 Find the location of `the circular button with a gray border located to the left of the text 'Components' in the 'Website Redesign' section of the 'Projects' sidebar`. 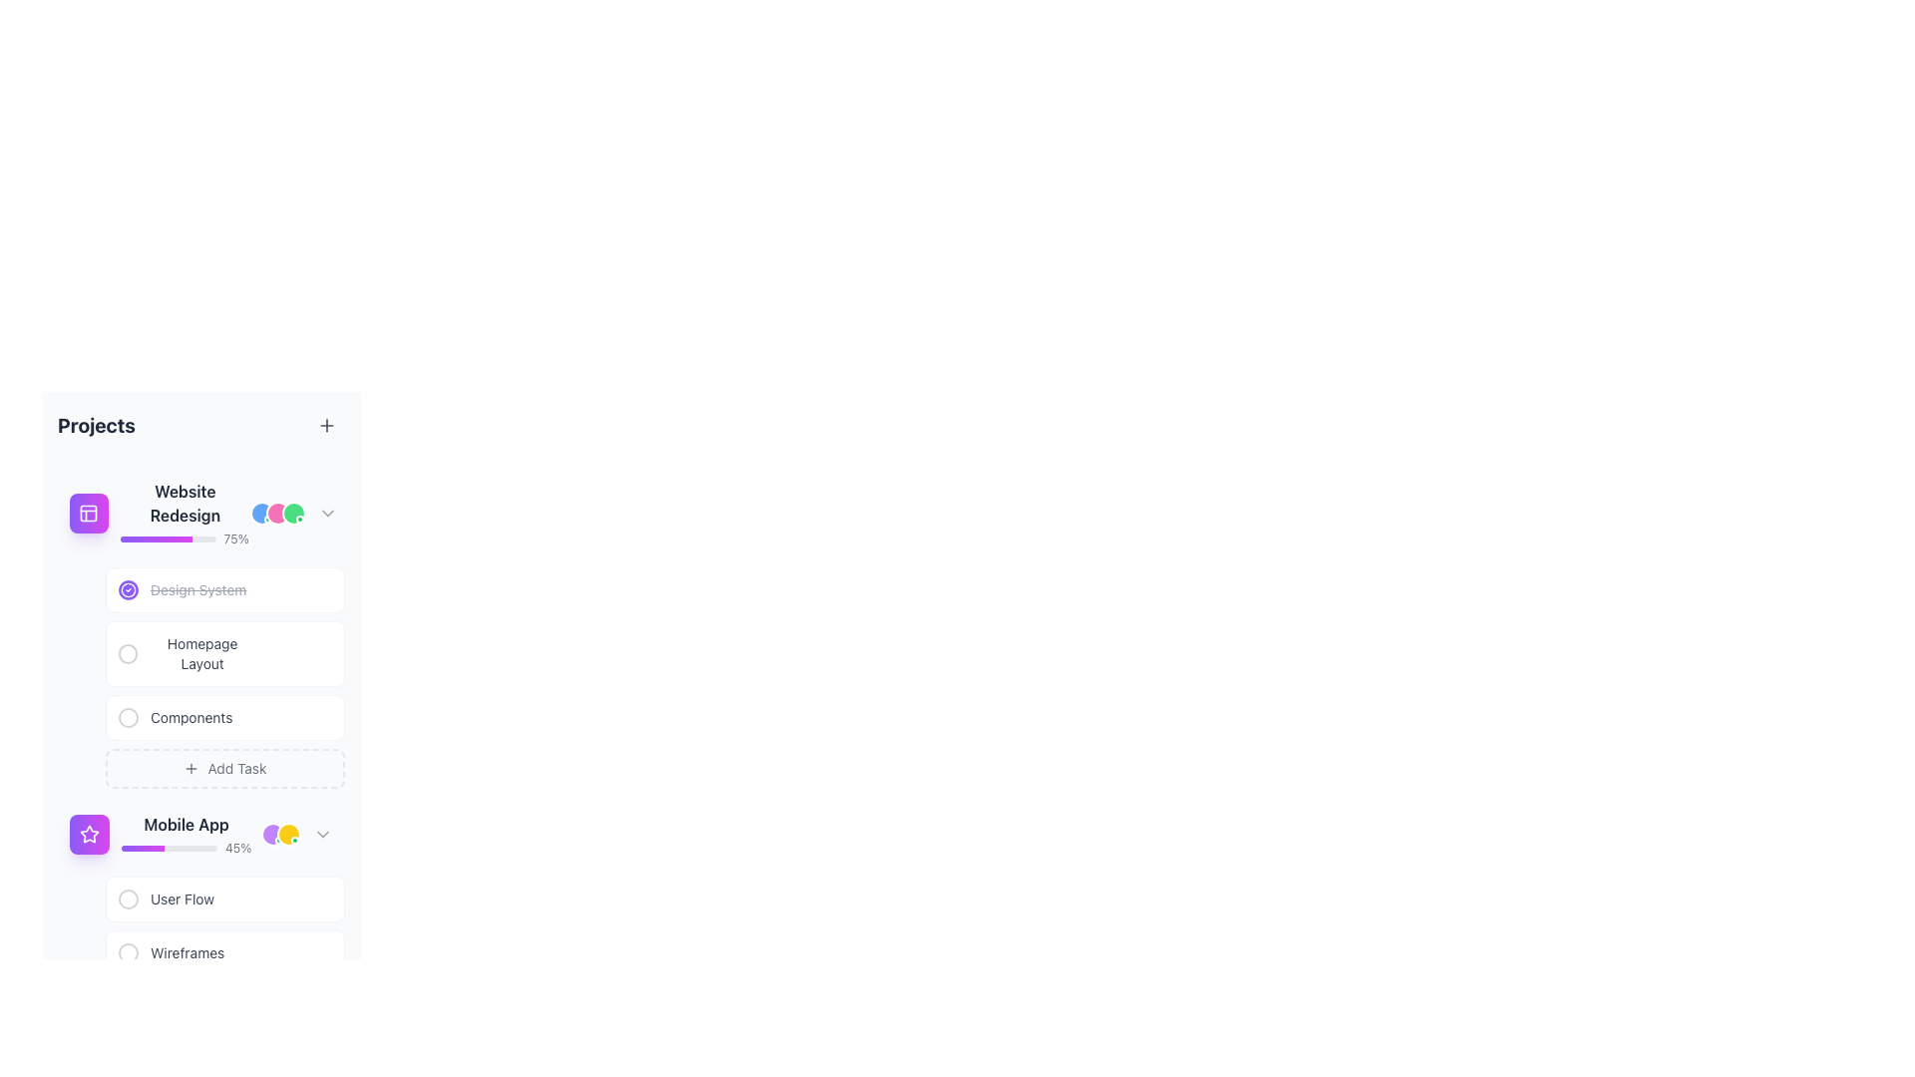

the circular button with a gray border located to the left of the text 'Components' in the 'Website Redesign' section of the 'Projects' sidebar is located at coordinates (128, 718).